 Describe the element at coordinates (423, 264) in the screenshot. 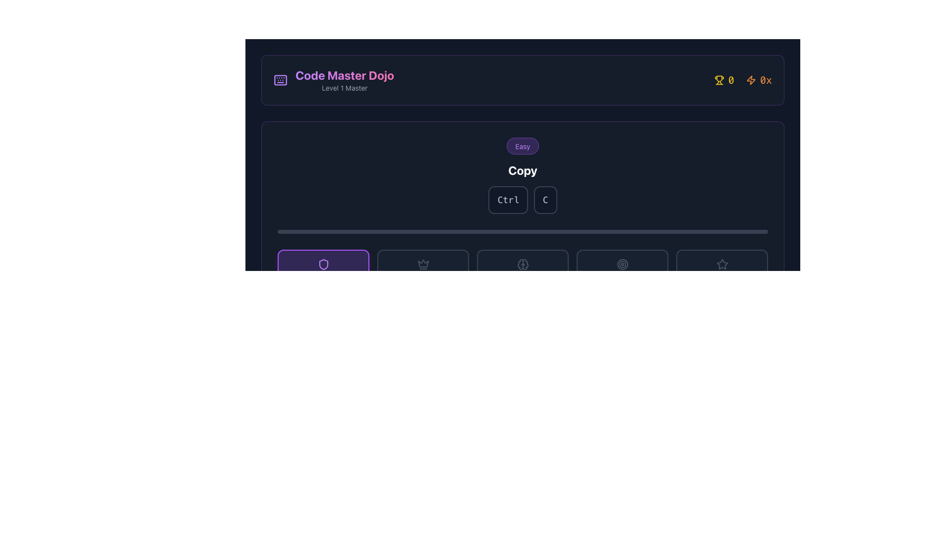

I see `the Icon Button featuring a crown icon, which is the third element in a horizontal row of five` at that location.